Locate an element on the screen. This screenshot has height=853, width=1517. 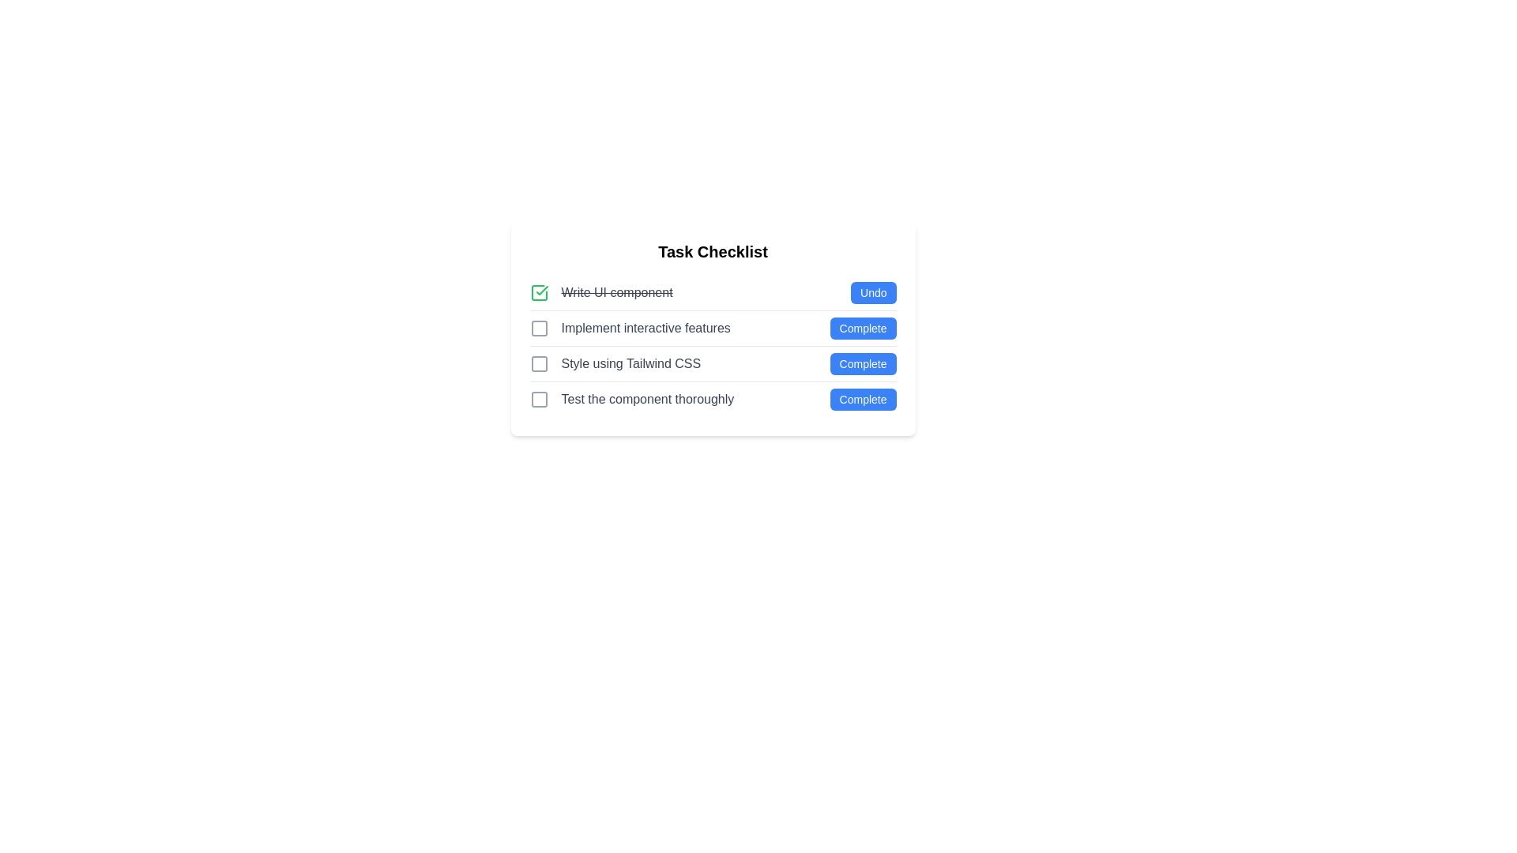
the checkbox, which is a square icon with rounded edges styled with a light gray outline, located to the left of the text 'Implement interactive features' is located at coordinates (539, 328).